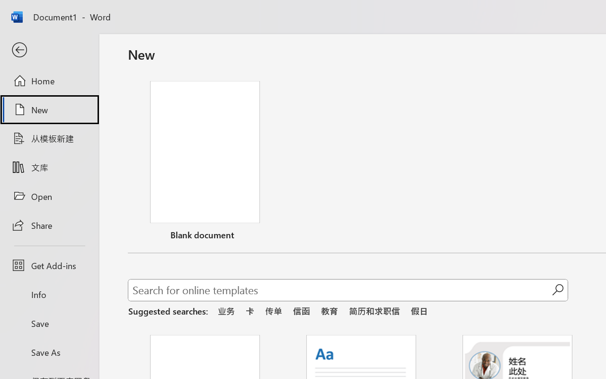 This screenshot has height=379, width=606. I want to click on 'Start searching', so click(558, 290).